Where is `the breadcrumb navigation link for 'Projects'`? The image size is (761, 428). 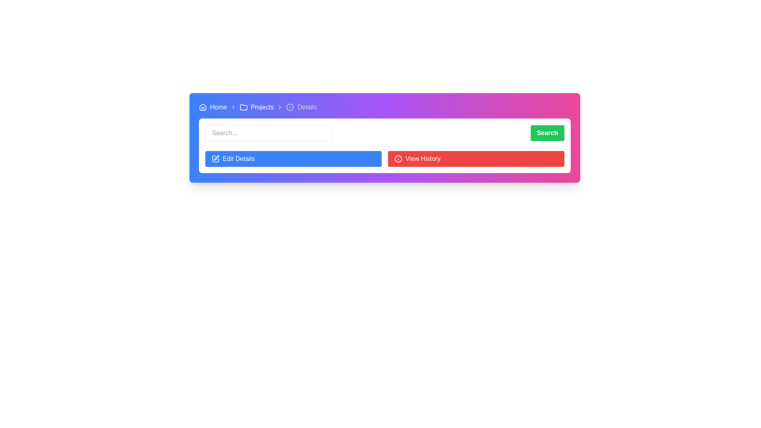
the breadcrumb navigation link for 'Projects' is located at coordinates (256, 107).